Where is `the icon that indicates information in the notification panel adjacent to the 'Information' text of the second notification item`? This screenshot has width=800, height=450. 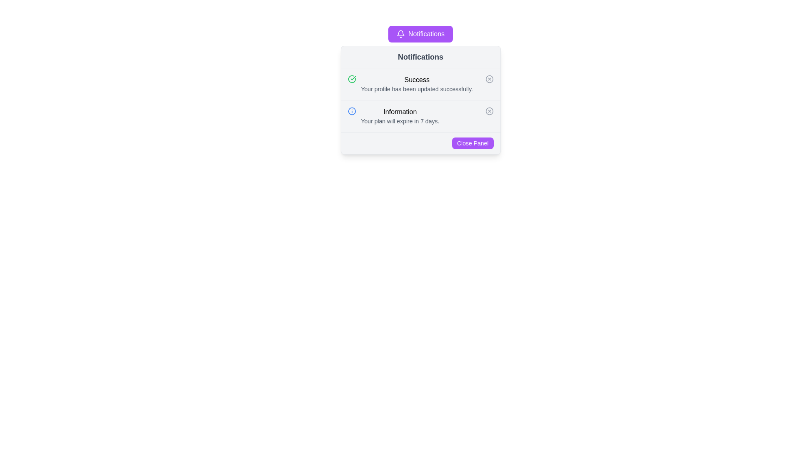 the icon that indicates information in the notification panel adjacent to the 'Information' text of the second notification item is located at coordinates (352, 110).